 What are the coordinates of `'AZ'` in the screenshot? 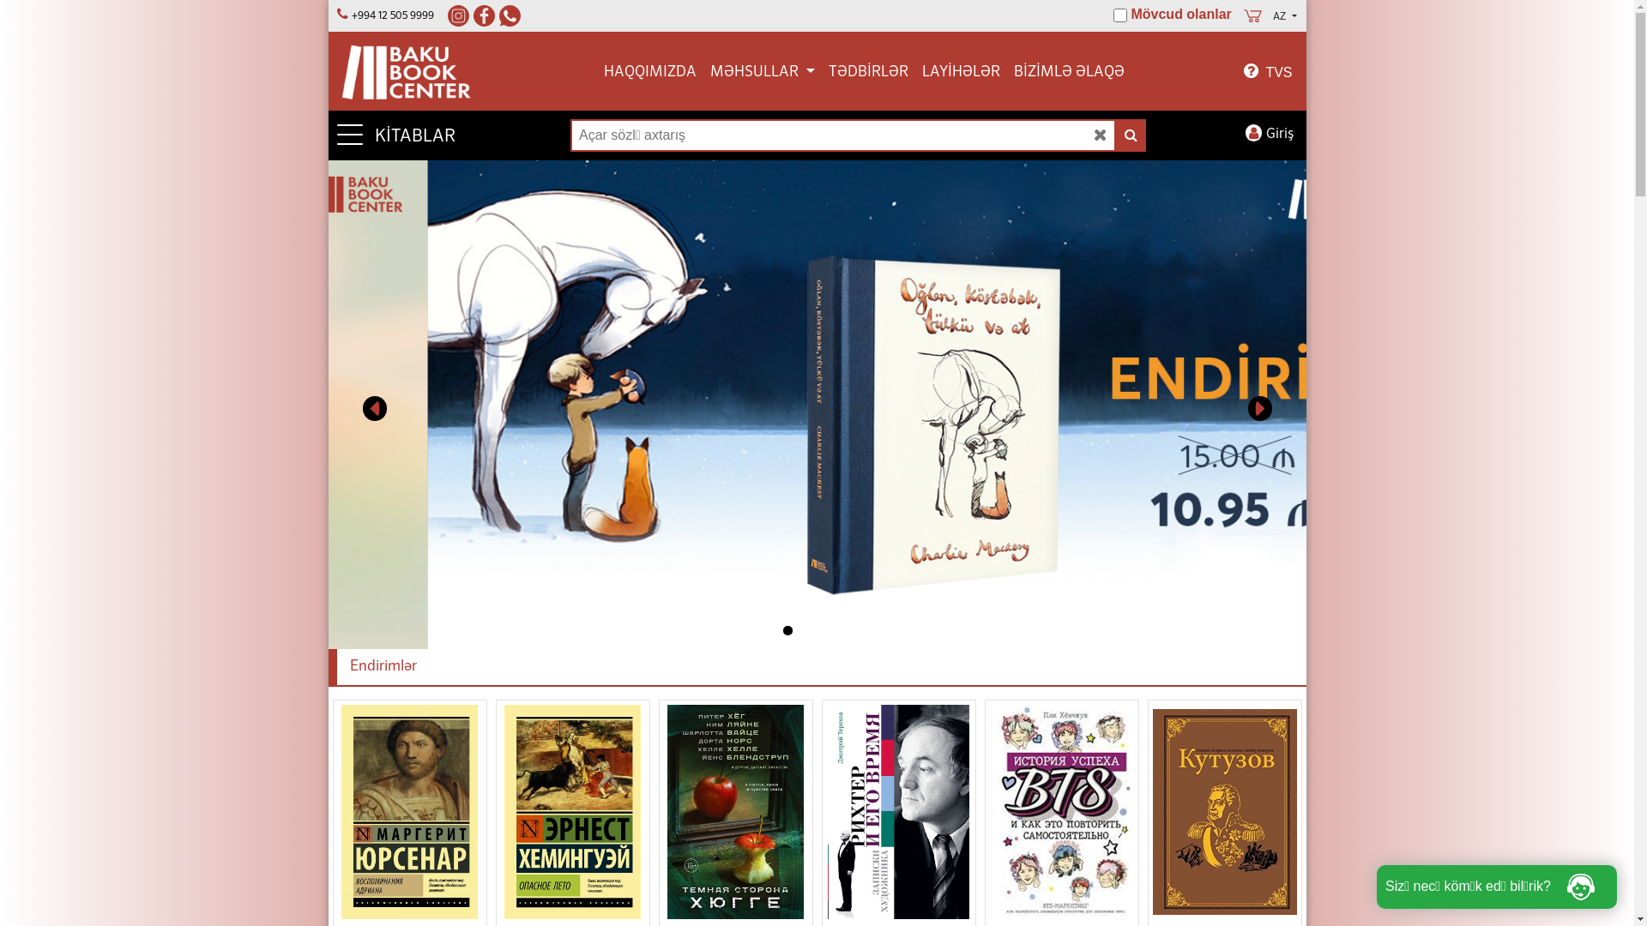 It's located at (1284, 16).